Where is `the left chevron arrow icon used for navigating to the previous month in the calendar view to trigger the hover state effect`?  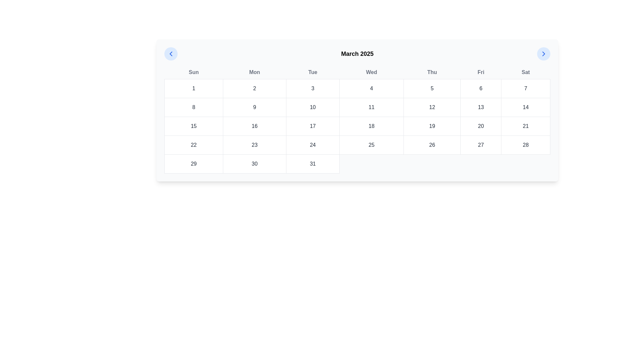 the left chevron arrow icon used for navigating to the previous month in the calendar view to trigger the hover state effect is located at coordinates (171, 53).